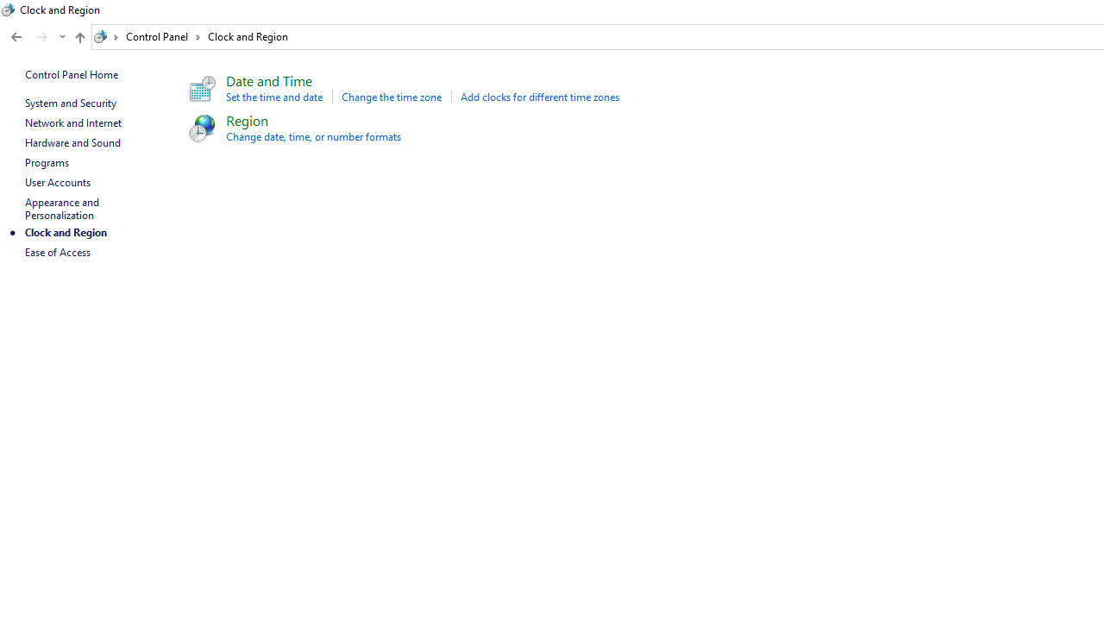 The width and height of the screenshot is (1104, 621). Describe the element at coordinates (58, 252) in the screenshot. I see `'Ease of Access'` at that location.